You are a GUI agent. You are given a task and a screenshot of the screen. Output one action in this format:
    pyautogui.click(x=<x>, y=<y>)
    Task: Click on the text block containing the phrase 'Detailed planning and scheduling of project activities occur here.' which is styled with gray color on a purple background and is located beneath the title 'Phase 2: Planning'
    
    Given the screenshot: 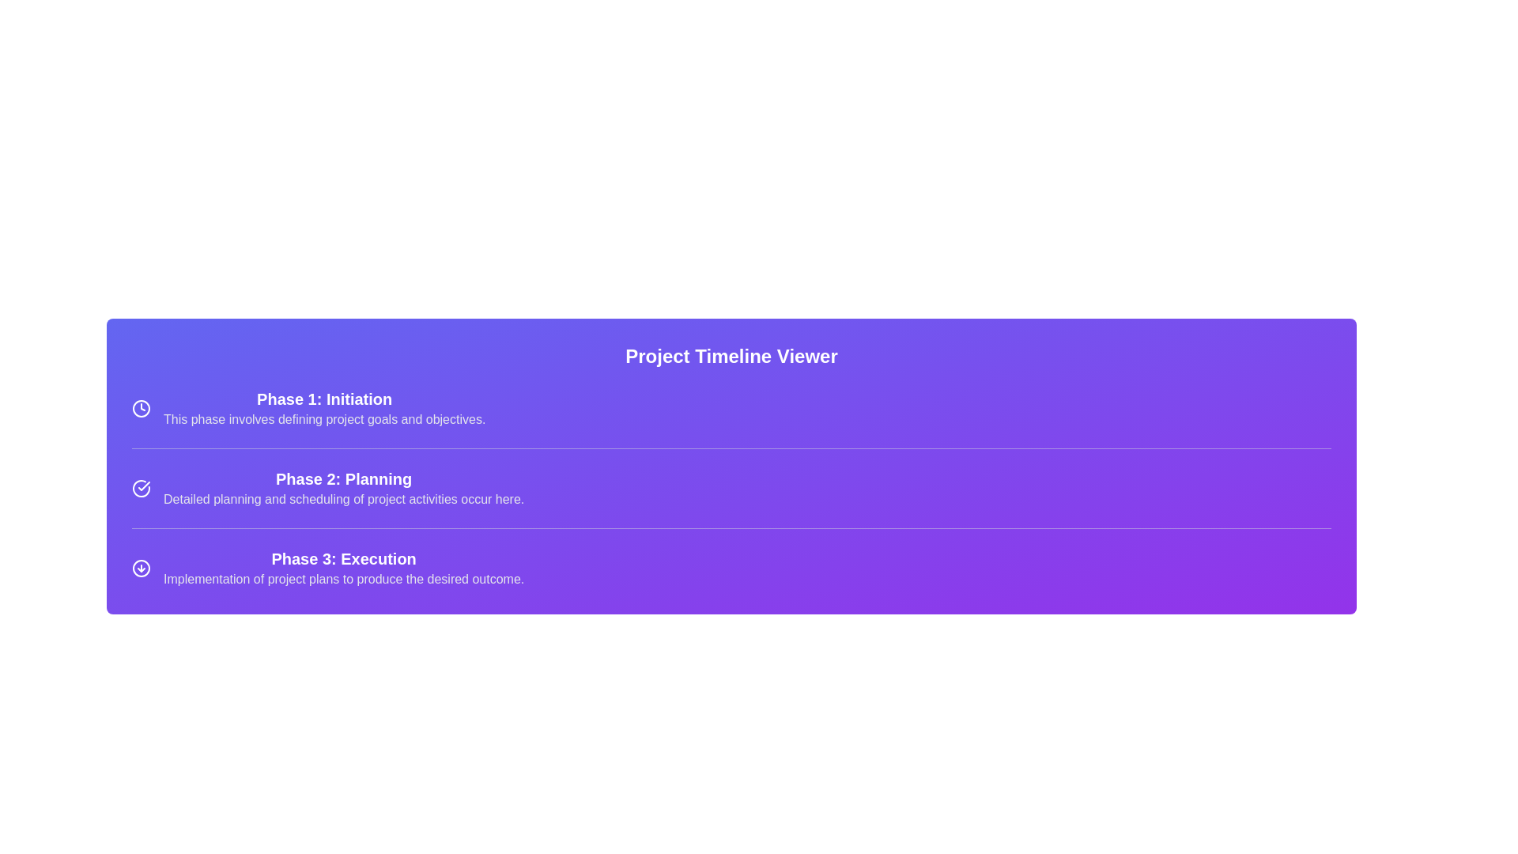 What is the action you would take?
    pyautogui.click(x=343, y=500)
    